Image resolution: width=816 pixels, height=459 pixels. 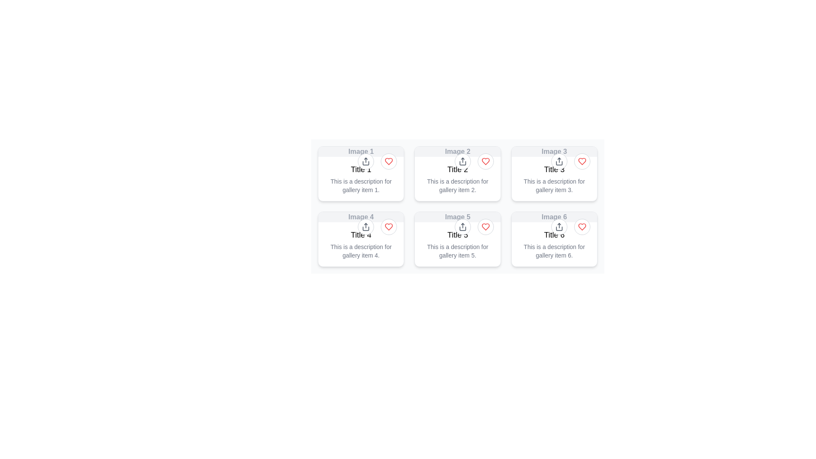 What do you see at coordinates (388, 226) in the screenshot?
I see `the heart-shaped icon button filled with red color located in the fourth tile at the top-right corner` at bounding box center [388, 226].